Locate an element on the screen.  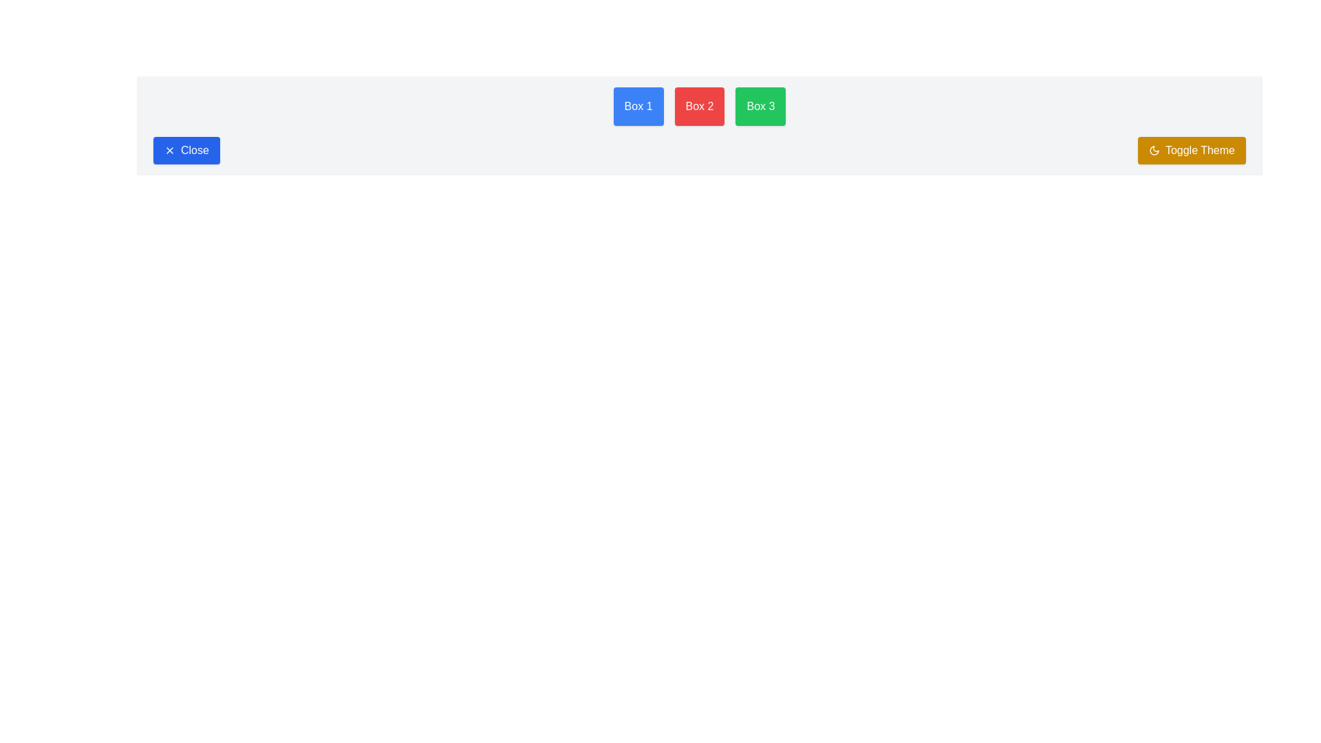
the 'Toggle Theme' button which contains the moon SVG icon indicating dark mode functionality is located at coordinates (1154, 151).